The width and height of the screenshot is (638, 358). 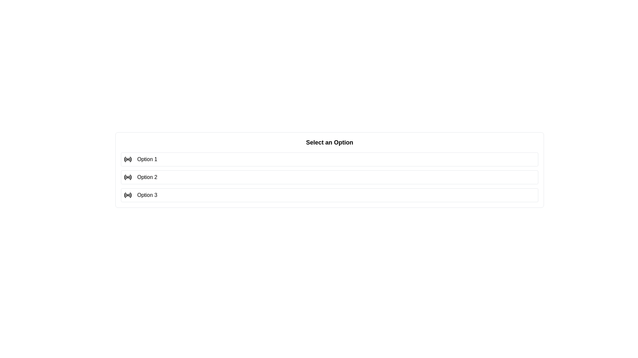 I want to click on the Radio button icon for 'Option 3', so click(x=128, y=195).